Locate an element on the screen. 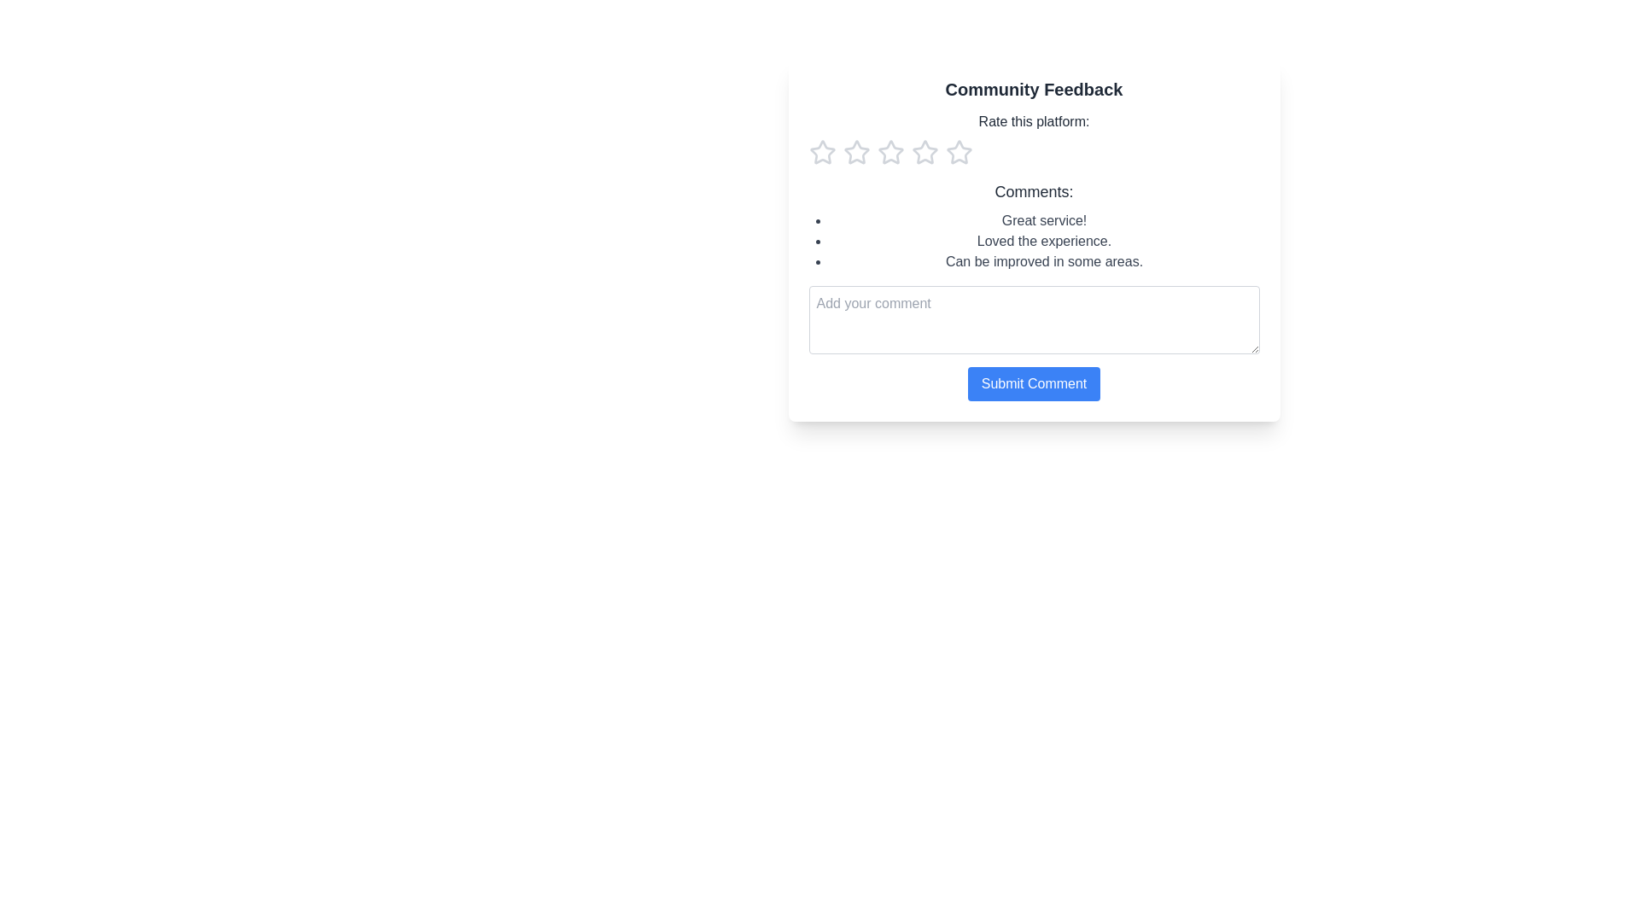 This screenshot has height=922, width=1639. the header text label indicating the start of the comments section, which is positioned below the rating stars and above the list of user comments is located at coordinates (1033, 191).